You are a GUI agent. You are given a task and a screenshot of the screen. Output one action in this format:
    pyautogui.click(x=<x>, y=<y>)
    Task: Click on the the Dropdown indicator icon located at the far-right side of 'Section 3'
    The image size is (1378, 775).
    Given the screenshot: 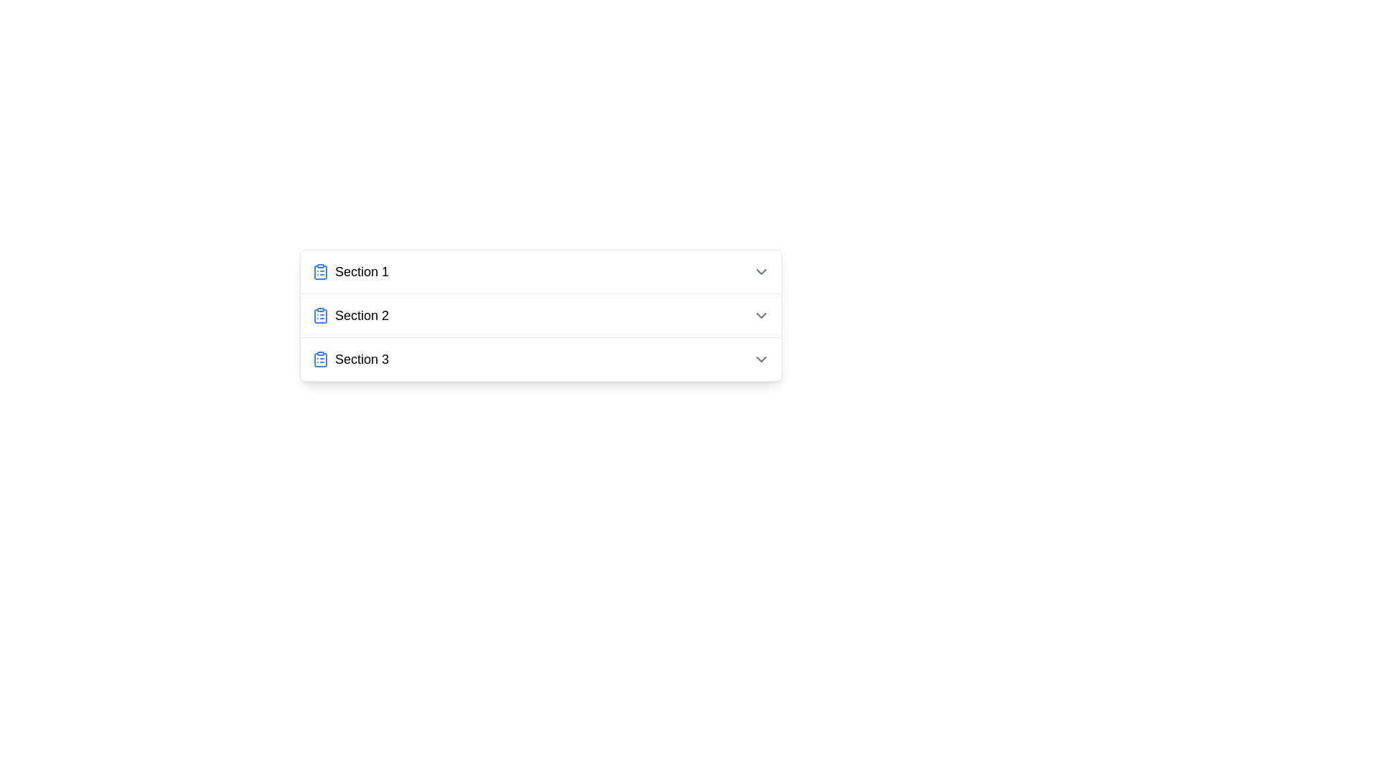 What is the action you would take?
    pyautogui.click(x=760, y=359)
    